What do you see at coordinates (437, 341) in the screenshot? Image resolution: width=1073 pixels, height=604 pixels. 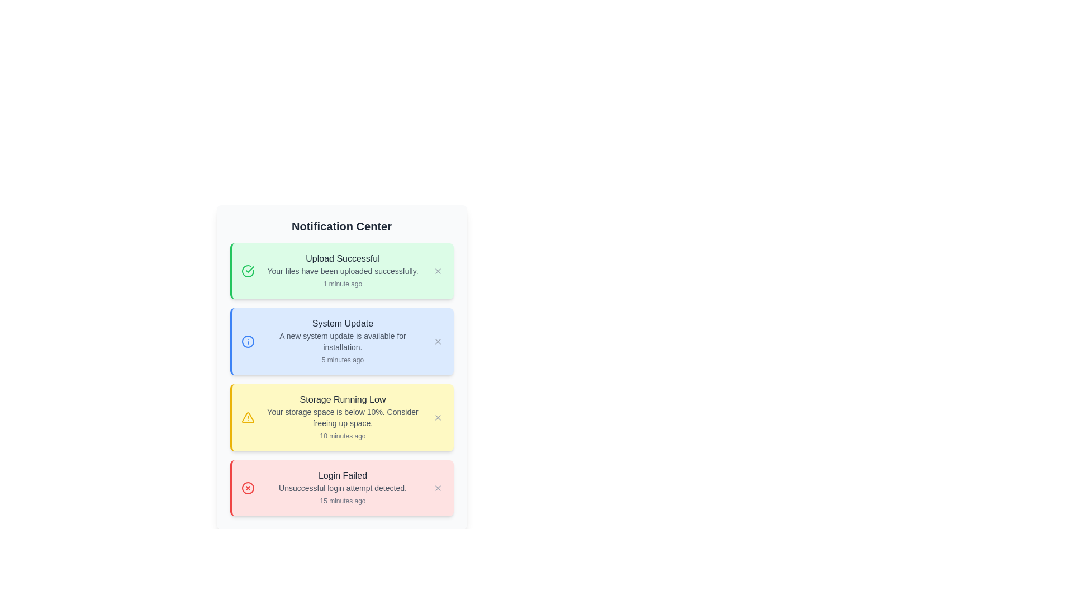 I see `the close button for the notification titled 'System Update' located at the top-right corner` at bounding box center [437, 341].